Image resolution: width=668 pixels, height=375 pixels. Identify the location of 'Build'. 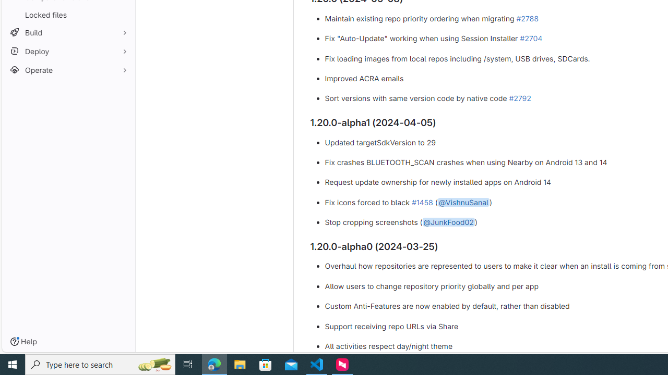
(68, 32).